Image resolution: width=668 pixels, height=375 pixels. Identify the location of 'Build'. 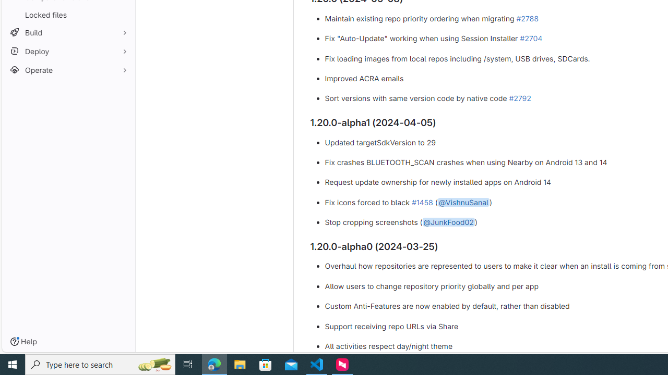
(68, 32).